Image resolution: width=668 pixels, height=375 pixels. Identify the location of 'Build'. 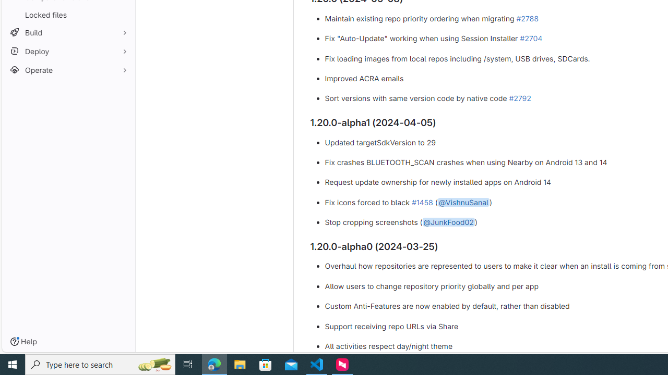
(68, 32).